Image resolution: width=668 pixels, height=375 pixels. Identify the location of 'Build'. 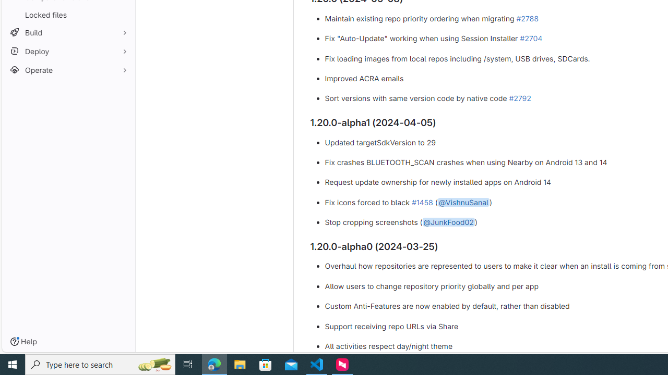
(68, 32).